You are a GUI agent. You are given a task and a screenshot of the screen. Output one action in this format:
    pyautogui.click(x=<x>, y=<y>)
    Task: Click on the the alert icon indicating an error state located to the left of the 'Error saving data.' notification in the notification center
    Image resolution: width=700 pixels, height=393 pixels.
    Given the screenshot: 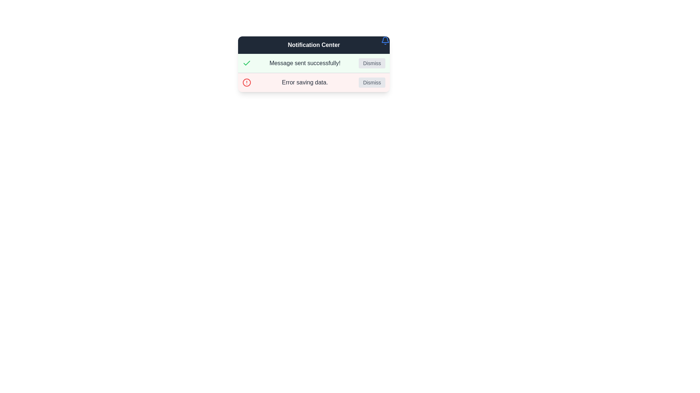 What is the action you would take?
    pyautogui.click(x=246, y=82)
    